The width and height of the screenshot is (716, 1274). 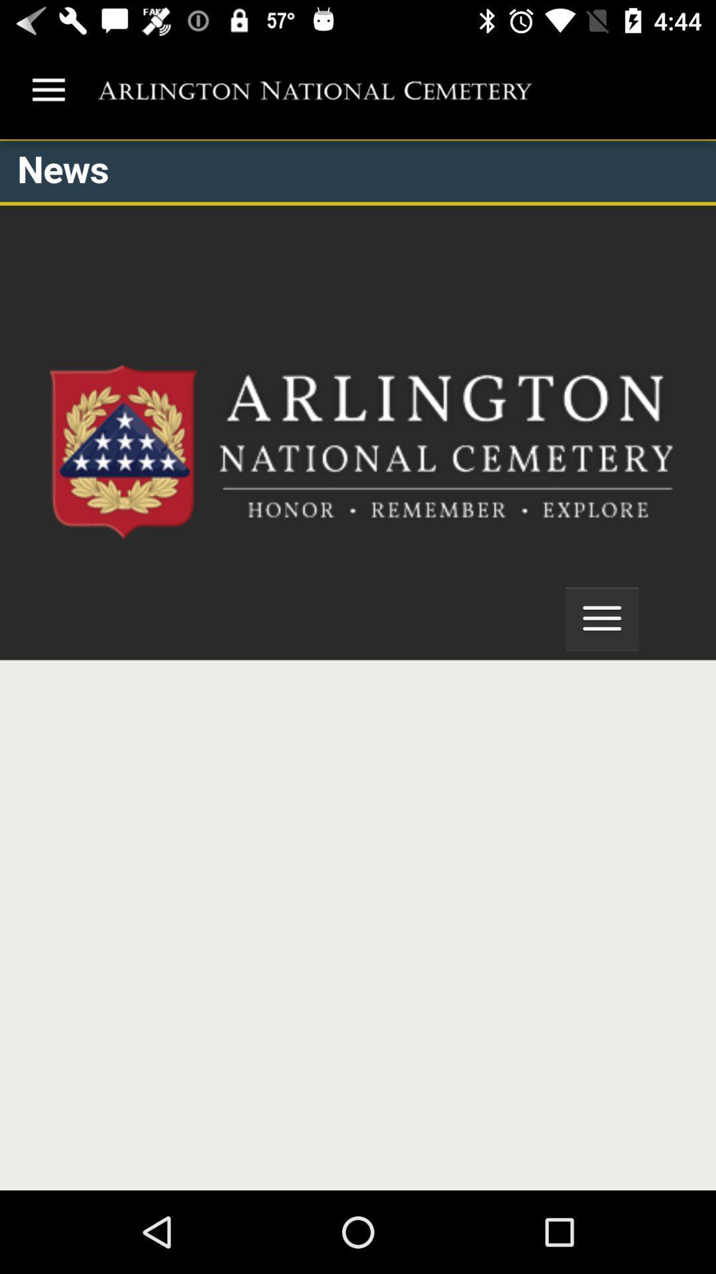 What do you see at coordinates (358, 665) in the screenshot?
I see `advertisement page` at bounding box center [358, 665].